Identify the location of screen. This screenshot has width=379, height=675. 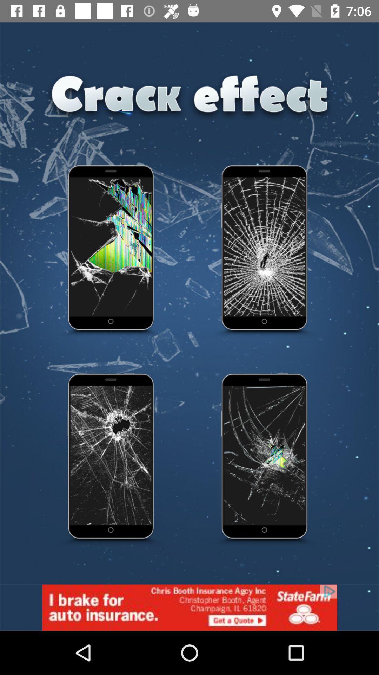
(265, 460).